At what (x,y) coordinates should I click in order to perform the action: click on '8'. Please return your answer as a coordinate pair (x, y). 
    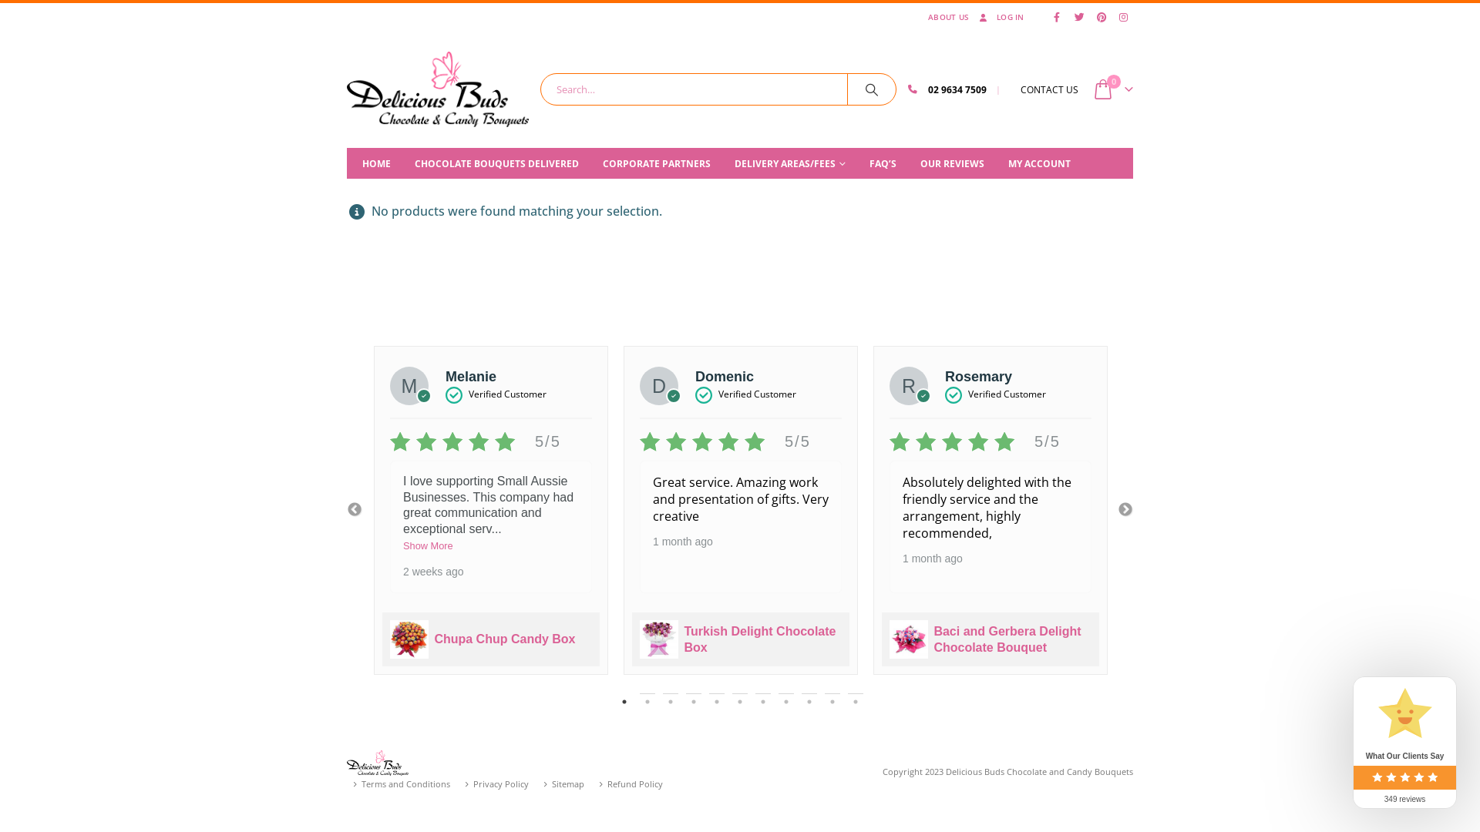
    Looking at the image, I should click on (778, 701).